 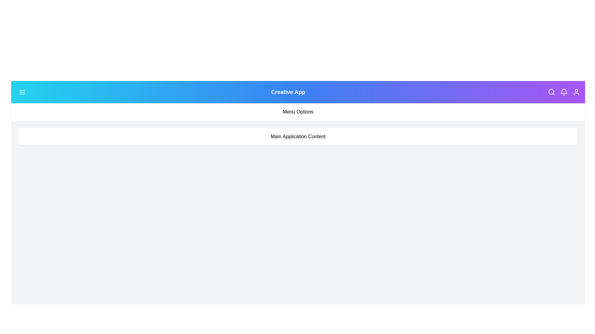 I want to click on the user icon in the app bar, so click(x=576, y=92).